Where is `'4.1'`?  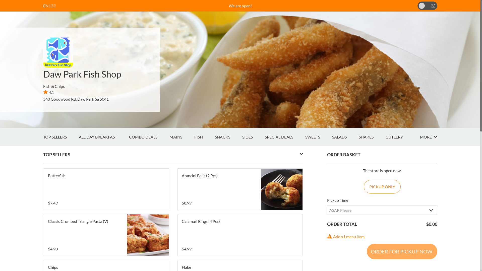
'4.1' is located at coordinates (48, 92).